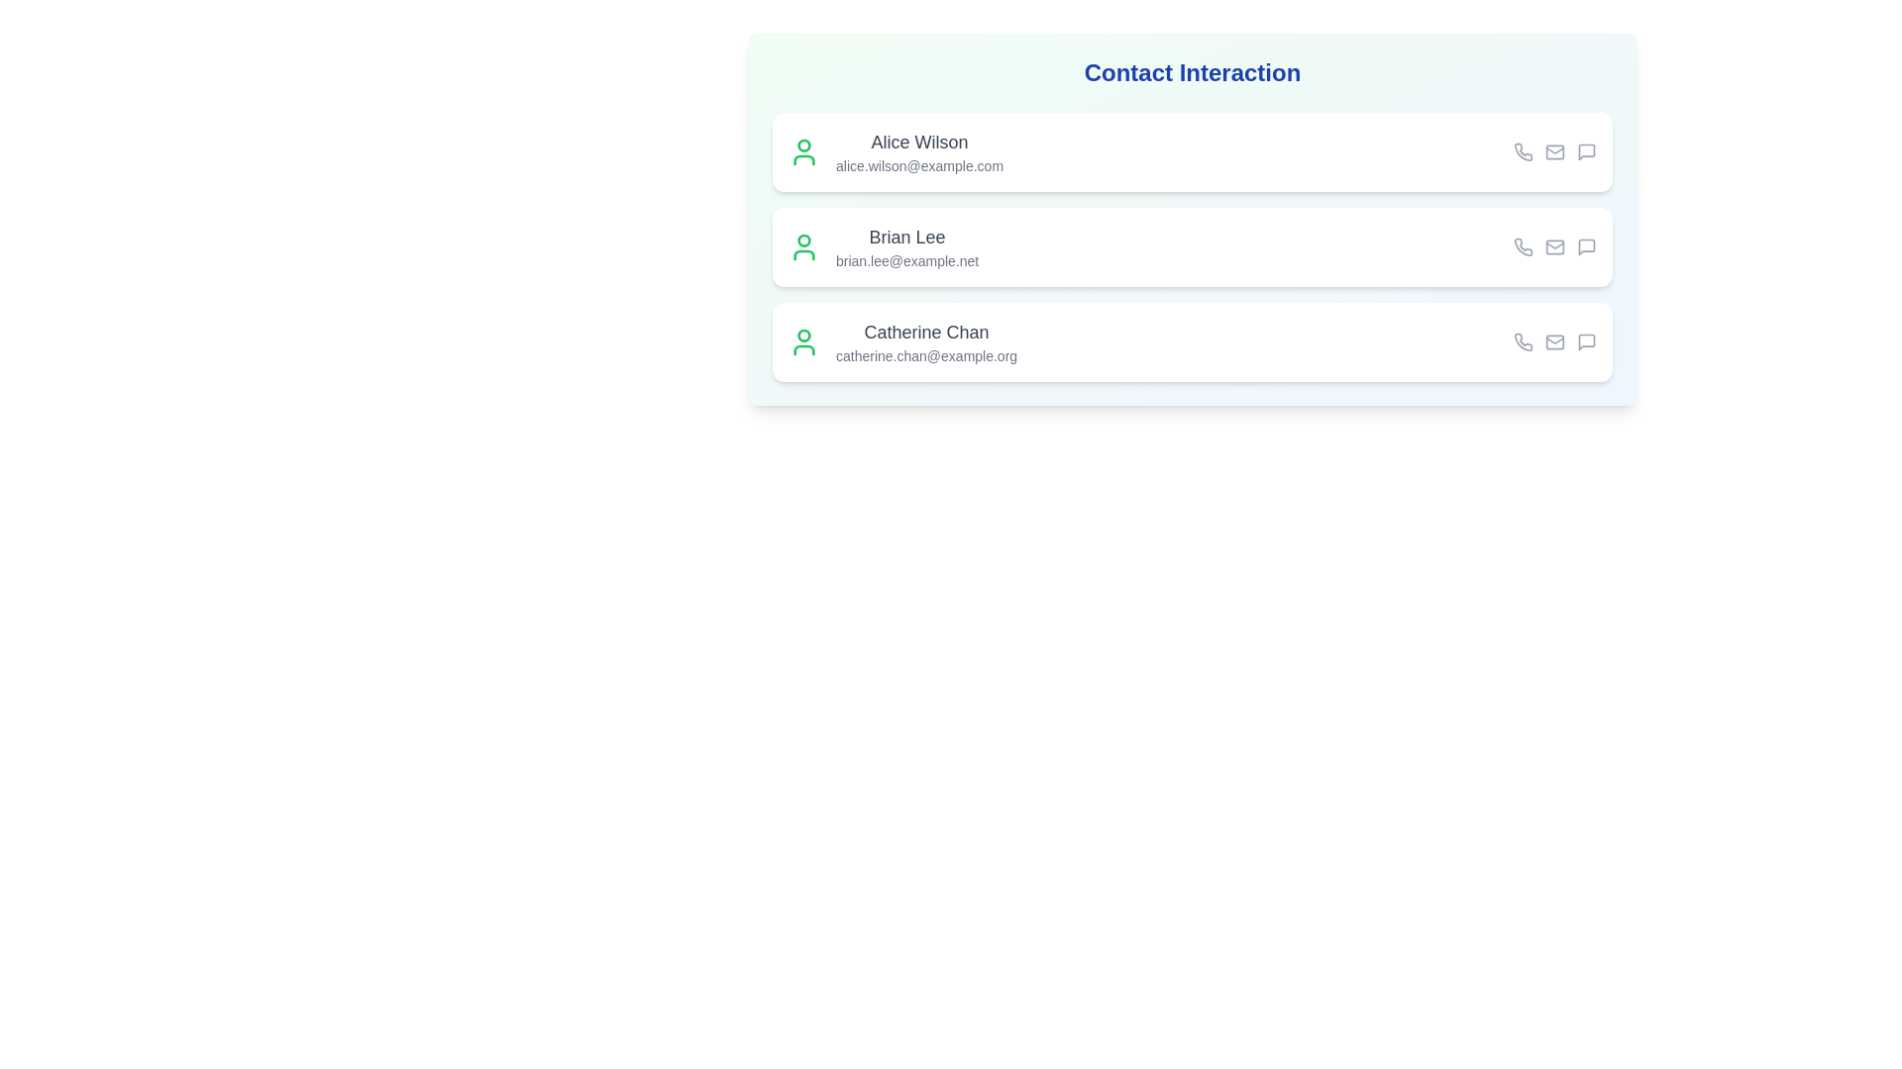 This screenshot has width=1902, height=1069. I want to click on the message icon for the contact Catherine Chan, so click(1587, 341).